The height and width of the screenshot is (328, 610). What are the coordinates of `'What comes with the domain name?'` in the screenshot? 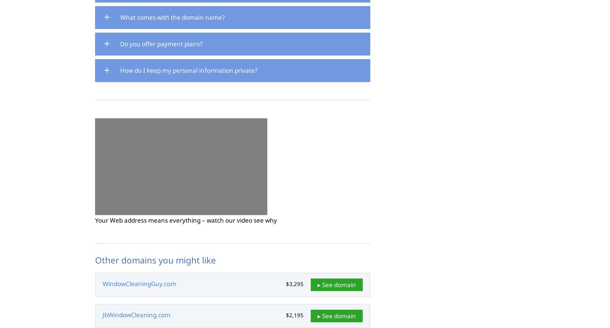 It's located at (172, 17).